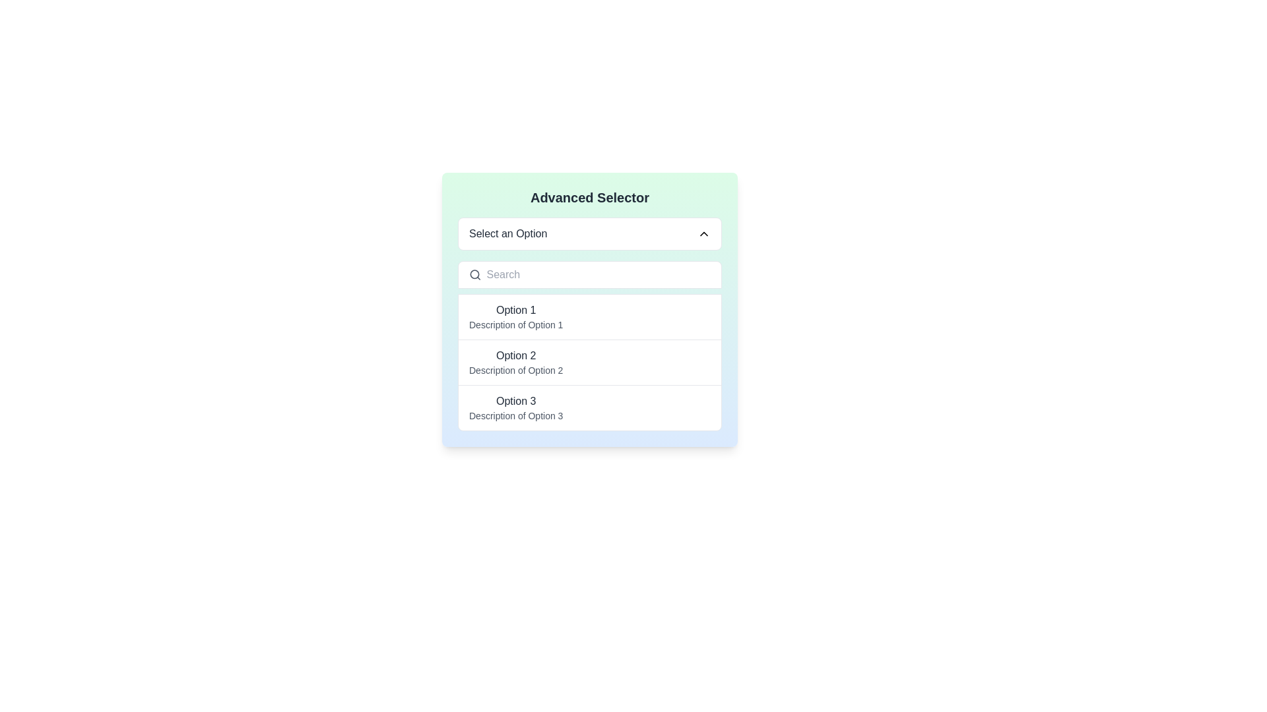  What do you see at coordinates (515, 371) in the screenshot?
I see `text content from the descriptive Text label located immediately below 'Option 2' in the dropdown menu` at bounding box center [515, 371].